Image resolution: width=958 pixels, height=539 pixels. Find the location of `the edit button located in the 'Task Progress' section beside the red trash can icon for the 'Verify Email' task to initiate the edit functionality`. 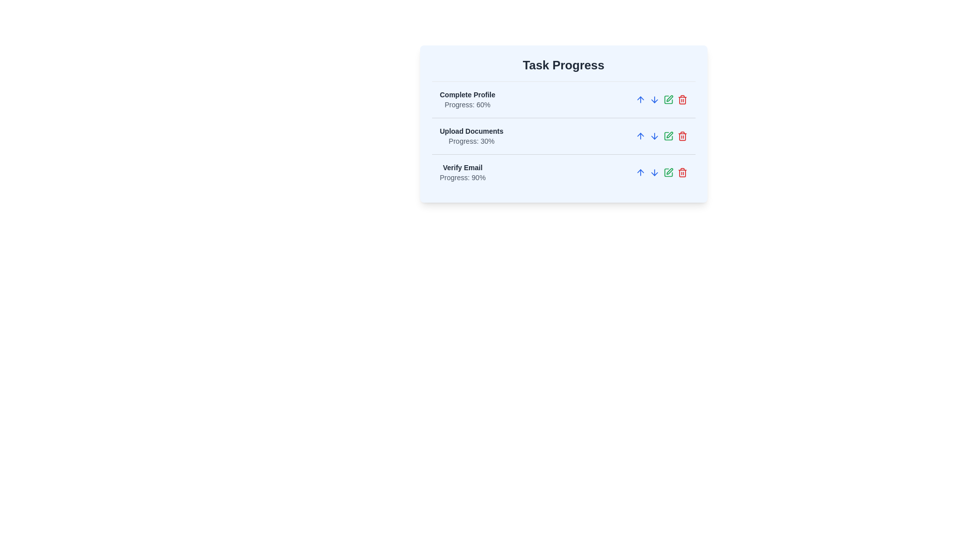

the edit button located in the 'Task Progress' section beside the red trash can icon for the 'Verify Email' task to initiate the edit functionality is located at coordinates (668, 172).